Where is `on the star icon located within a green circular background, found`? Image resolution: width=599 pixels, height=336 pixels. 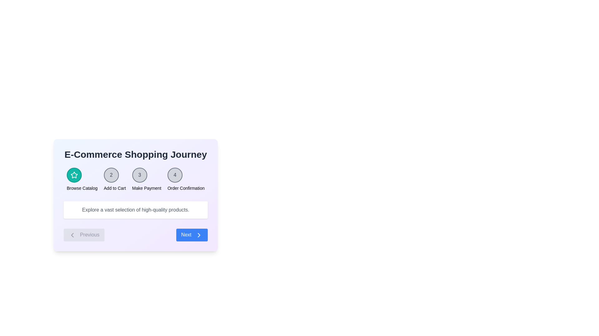
on the star icon located within a green circular background, found is located at coordinates (74, 175).